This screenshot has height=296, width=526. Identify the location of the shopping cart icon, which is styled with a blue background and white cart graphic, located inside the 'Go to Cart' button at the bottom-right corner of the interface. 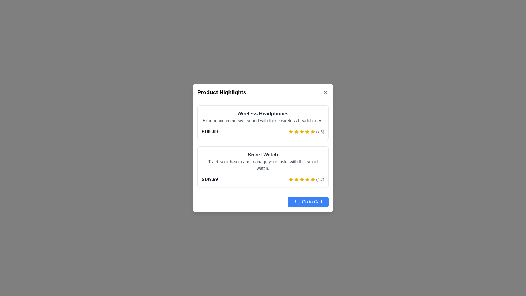
(297, 202).